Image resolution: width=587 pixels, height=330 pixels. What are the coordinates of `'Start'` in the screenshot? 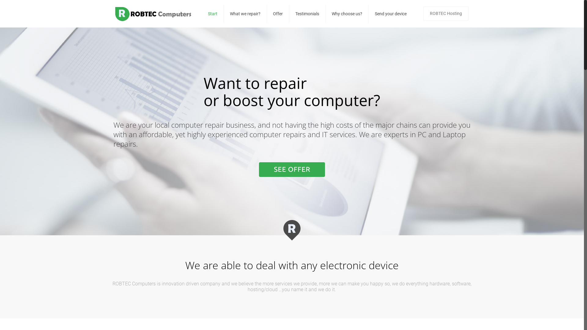 It's located at (213, 14).